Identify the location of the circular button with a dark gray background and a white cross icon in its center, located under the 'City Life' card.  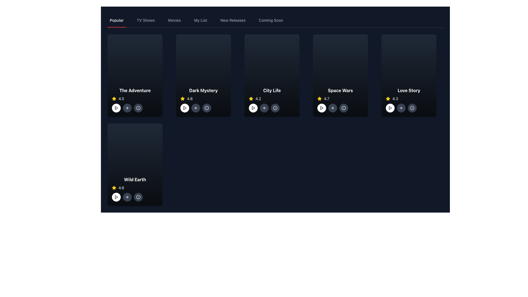
(264, 108).